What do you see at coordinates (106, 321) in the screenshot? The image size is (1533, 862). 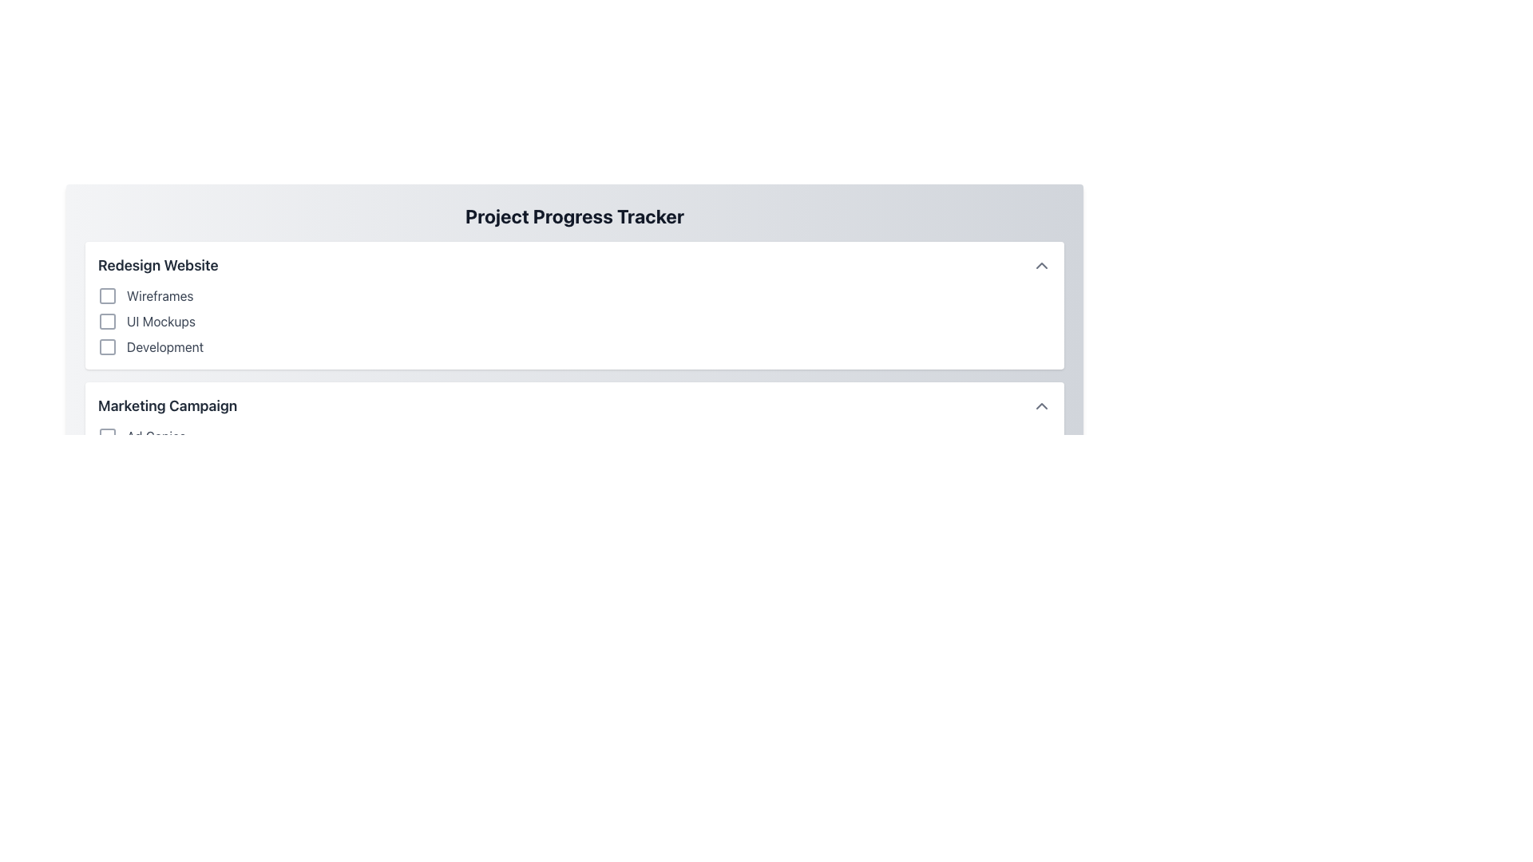 I see `the interactive checkbox control located to the left of the text 'UI Mockups'` at bounding box center [106, 321].